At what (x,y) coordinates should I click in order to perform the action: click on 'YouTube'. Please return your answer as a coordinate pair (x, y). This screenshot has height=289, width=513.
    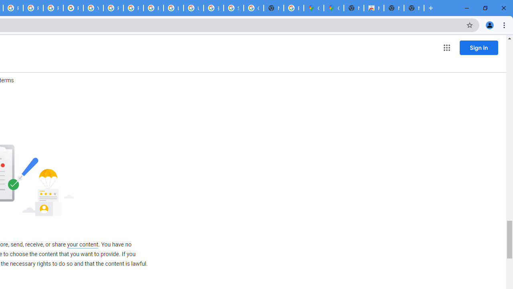
    Looking at the image, I should click on (93, 8).